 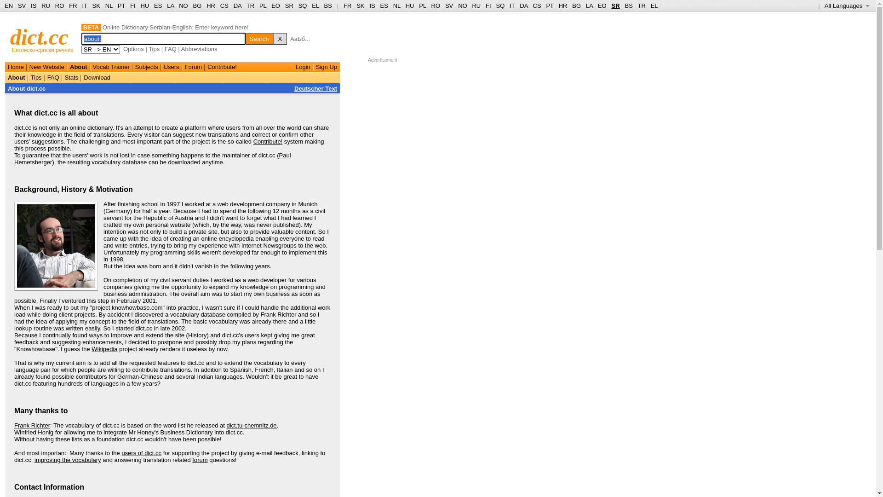 What do you see at coordinates (210, 6) in the screenshot?
I see `'HR'` at bounding box center [210, 6].